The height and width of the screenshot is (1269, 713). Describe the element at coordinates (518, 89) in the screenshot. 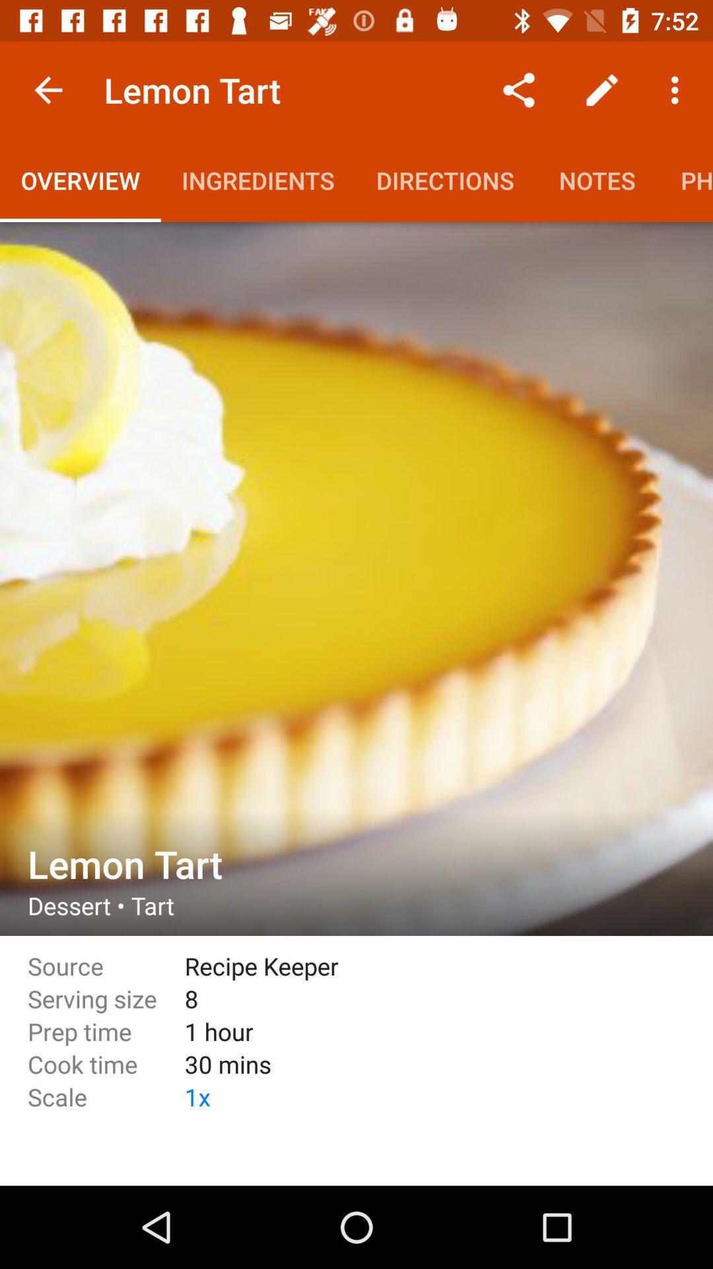

I see `the icon above directions item` at that location.